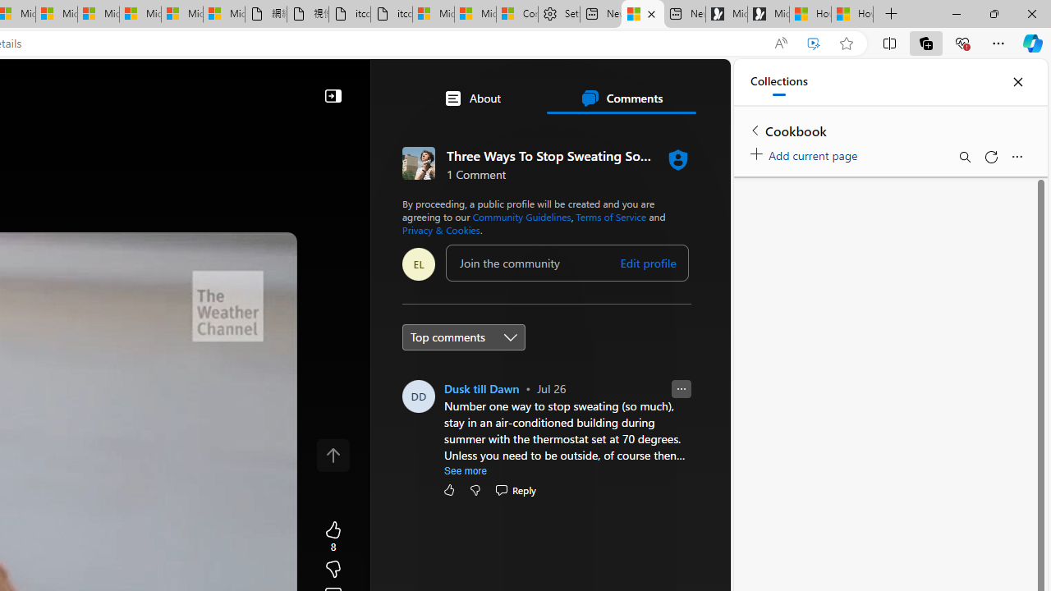 This screenshot has height=591, width=1051. I want to click on 'Back to list of collections', so click(755, 130).